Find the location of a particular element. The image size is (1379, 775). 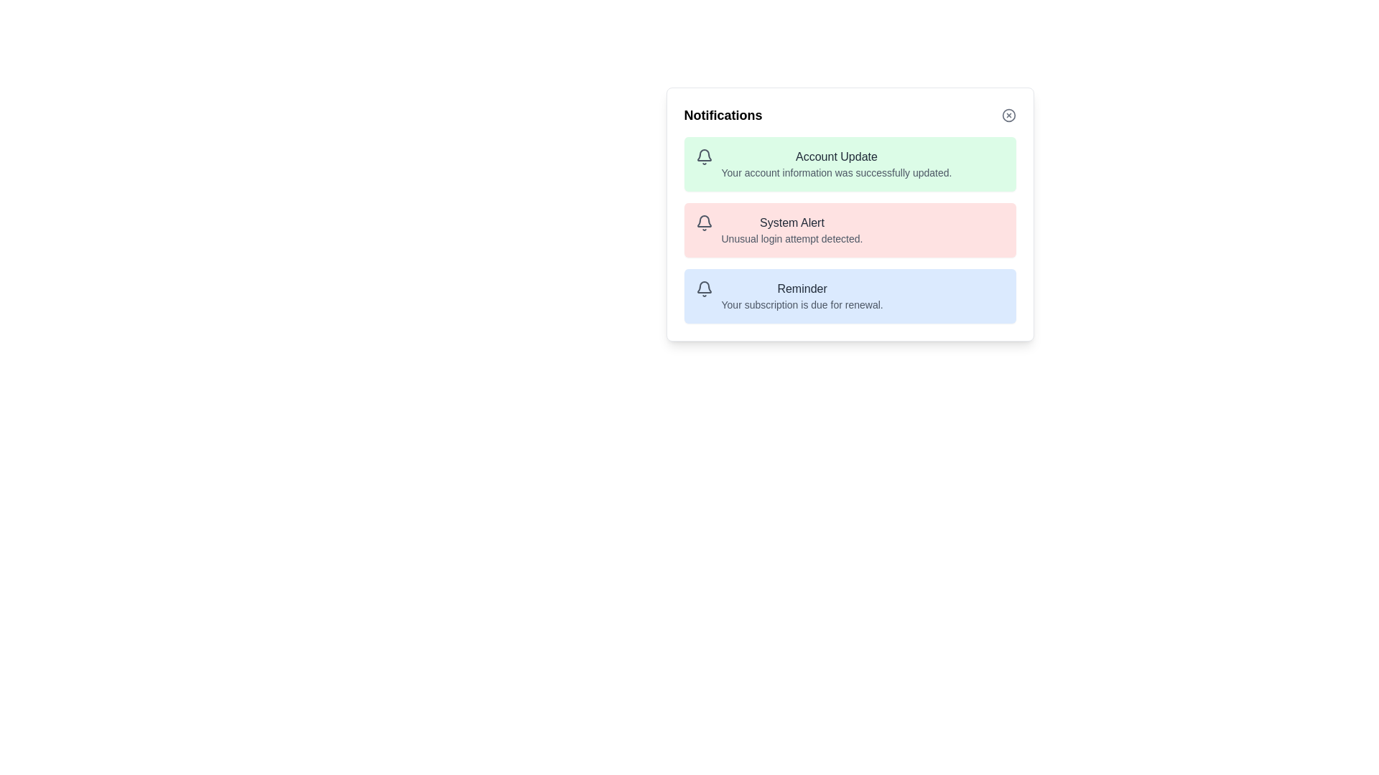

the static text label that serves as the title for the notification, summarizing the content as 'Account Update' is located at coordinates (836, 157).